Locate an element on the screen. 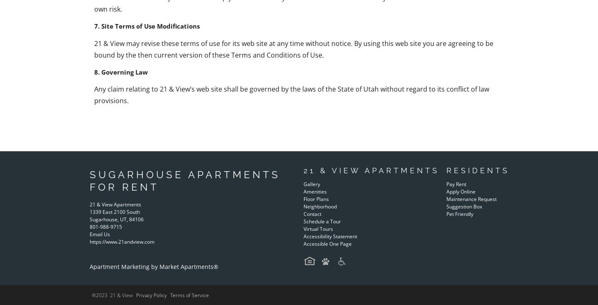 Image resolution: width=598 pixels, height=305 pixels. 'Email Us' is located at coordinates (100, 233).